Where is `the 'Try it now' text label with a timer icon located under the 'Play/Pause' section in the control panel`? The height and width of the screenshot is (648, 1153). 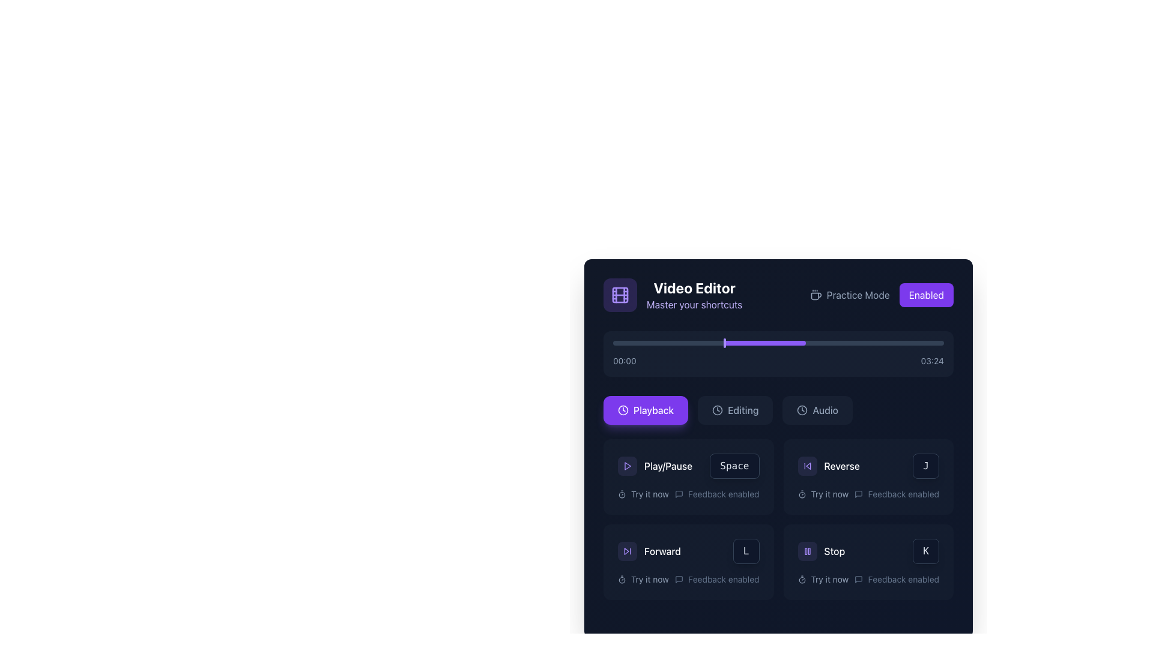
the 'Try it now' text label with a timer icon located under the 'Play/Pause' section in the control panel is located at coordinates (643, 494).